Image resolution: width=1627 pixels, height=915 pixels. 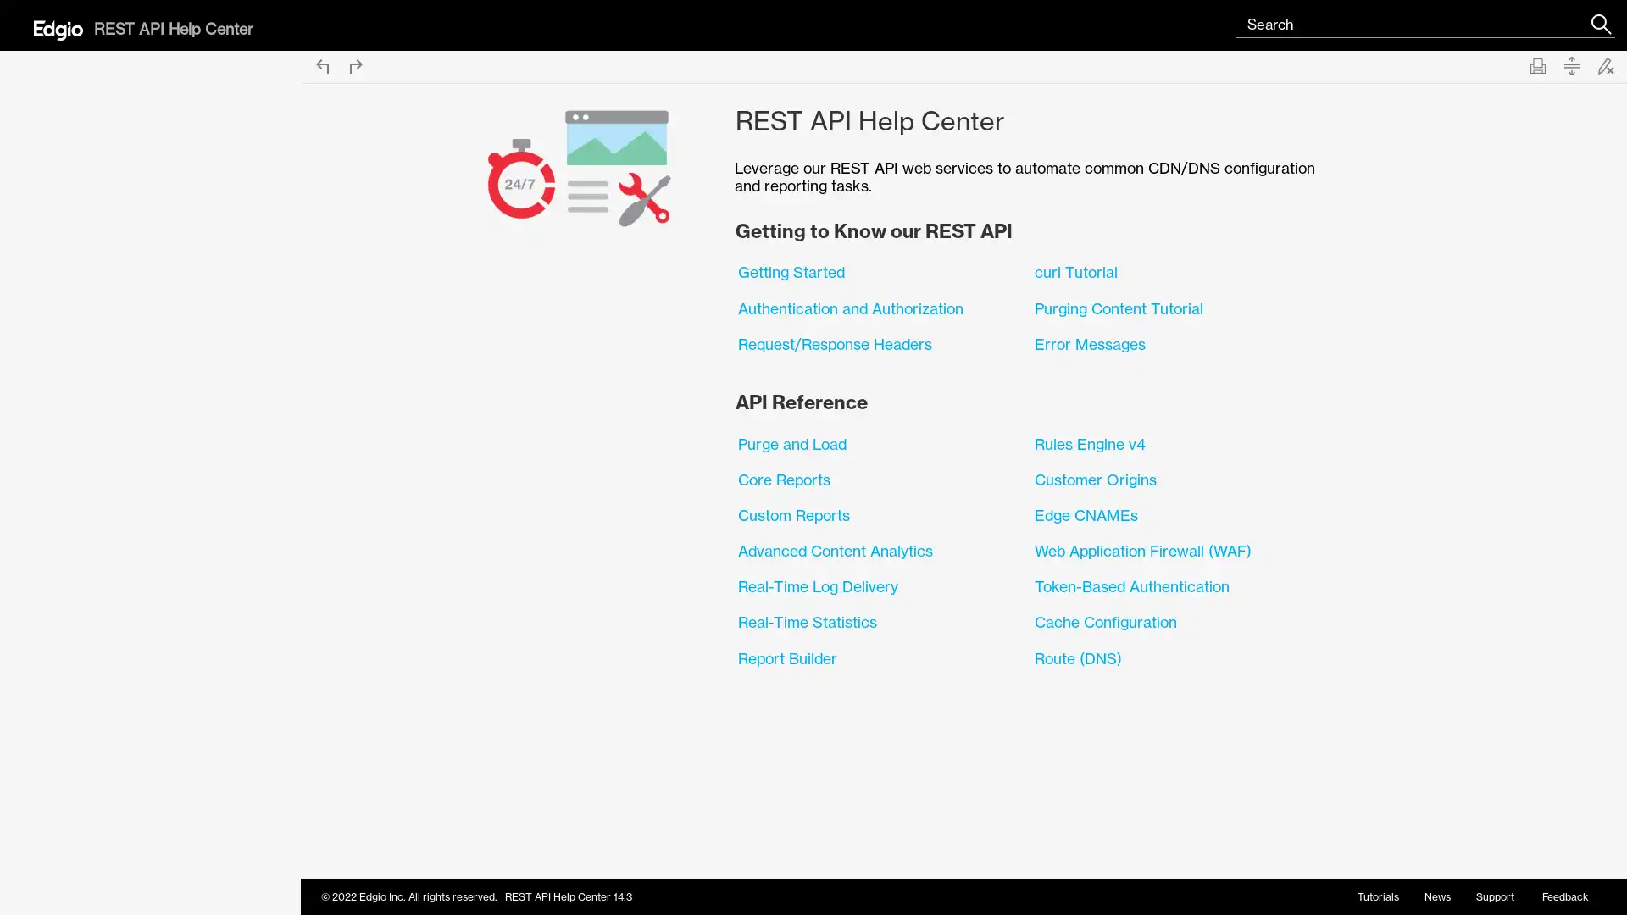 I want to click on previous topic, so click(x=321, y=64).